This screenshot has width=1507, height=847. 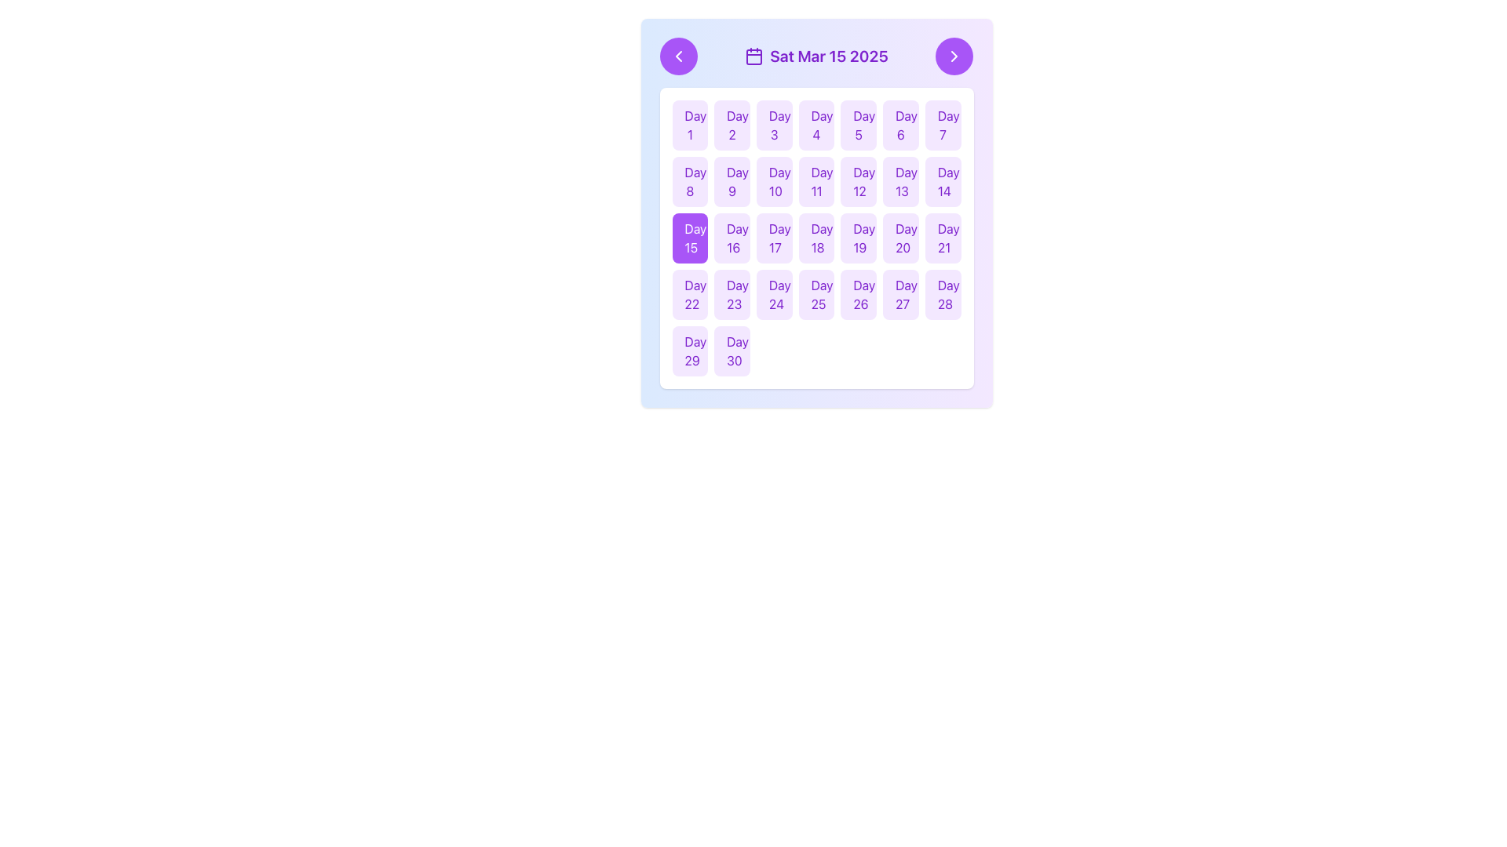 What do you see at coordinates (942, 180) in the screenshot?
I see `the non-interactive button labeled 'Day 14' with rounded edges and a purple background` at bounding box center [942, 180].